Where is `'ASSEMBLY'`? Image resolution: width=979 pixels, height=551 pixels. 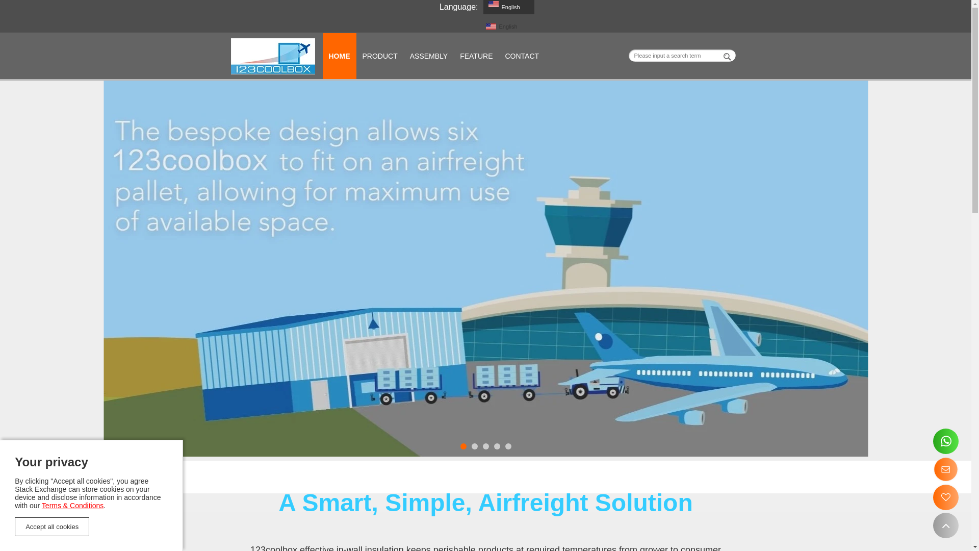 'ASSEMBLY' is located at coordinates (428, 56).